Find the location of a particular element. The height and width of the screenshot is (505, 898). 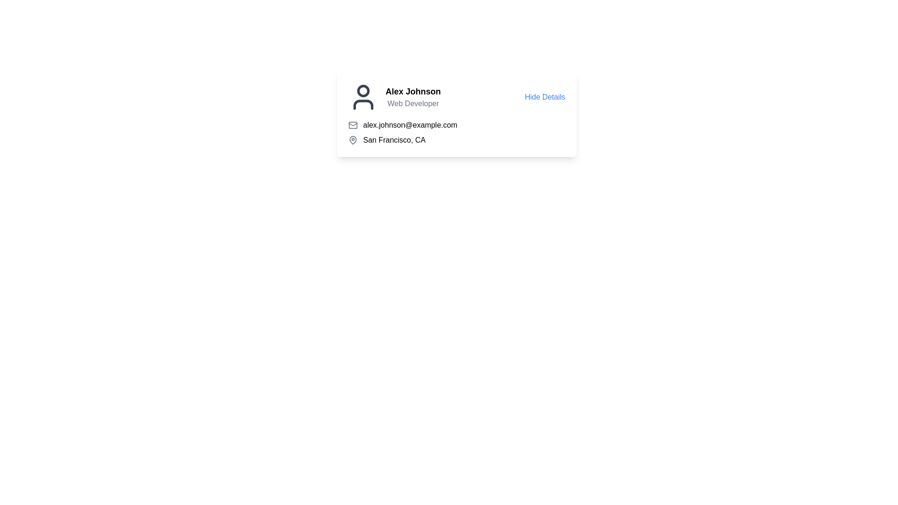

the envelope icon element, which is a rectangular shape with slightly rounded corners, located on the left side of the mail icon near the email address 'alex.johnson@example.com' is located at coordinates (352, 124).